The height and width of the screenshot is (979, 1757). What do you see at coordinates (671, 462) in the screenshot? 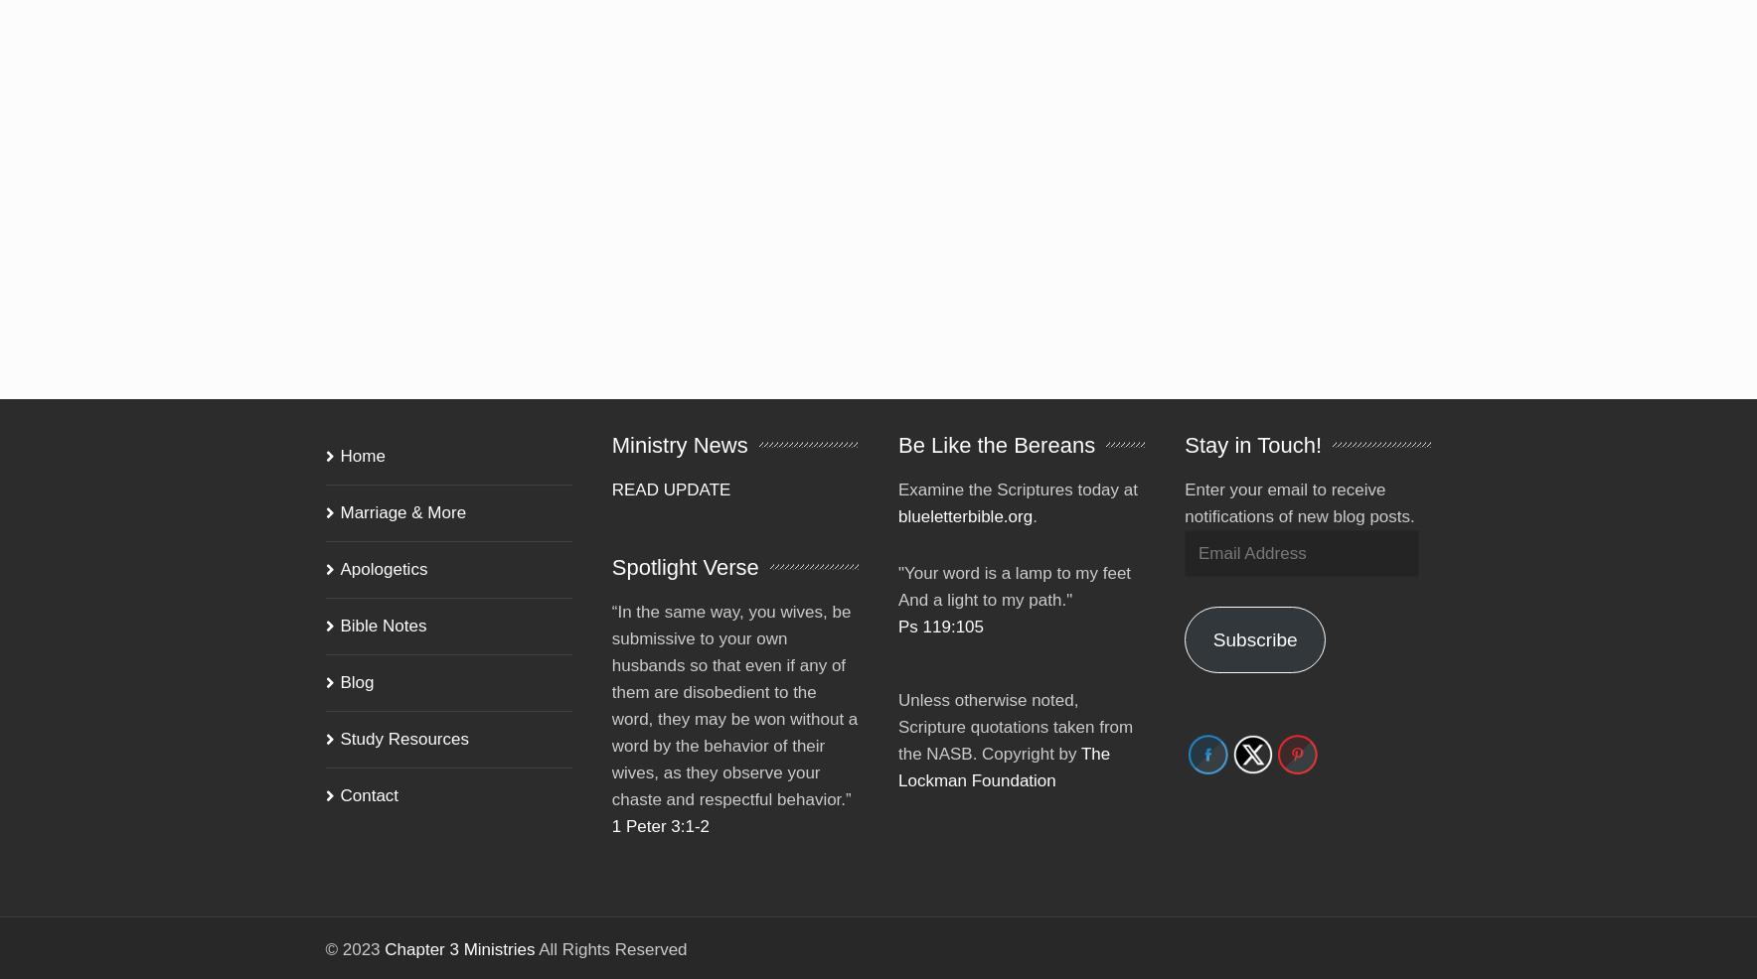
I see `'READ UPDATE'` at bounding box center [671, 462].